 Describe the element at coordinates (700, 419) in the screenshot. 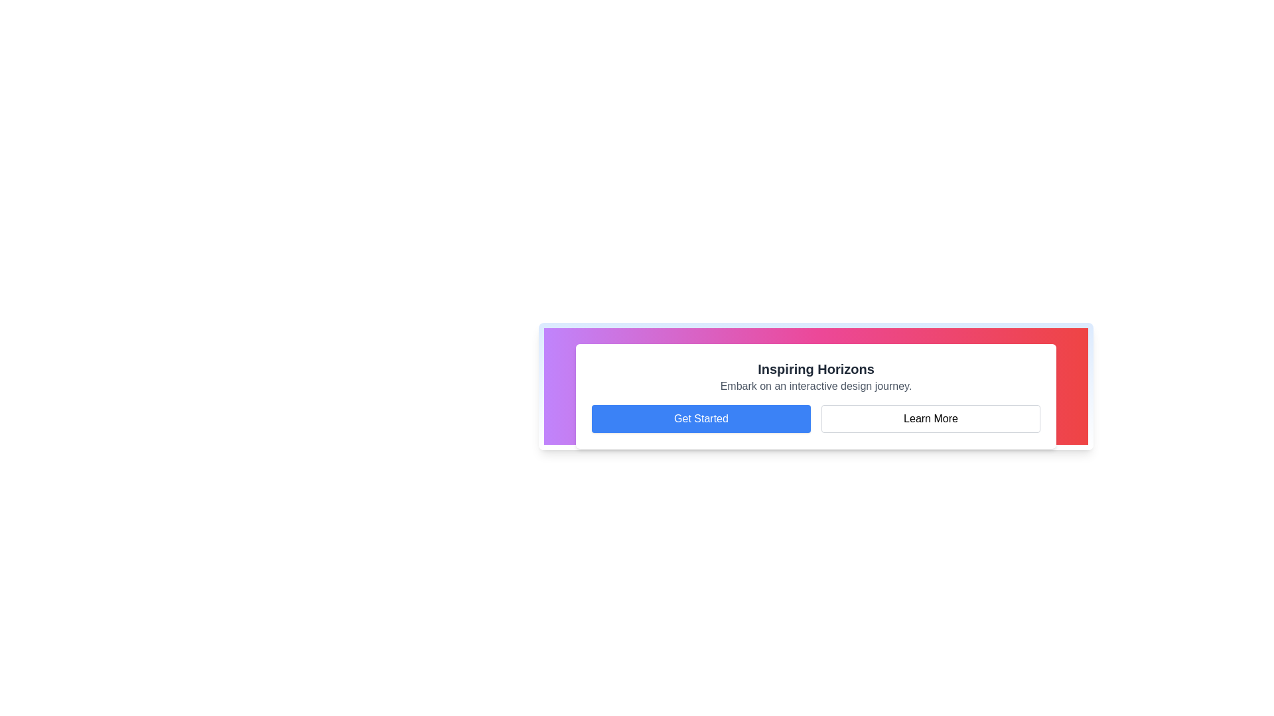

I see `the bright blue rectangular button with rounded corners that reads 'Get Started' to activate its hover effect` at that location.